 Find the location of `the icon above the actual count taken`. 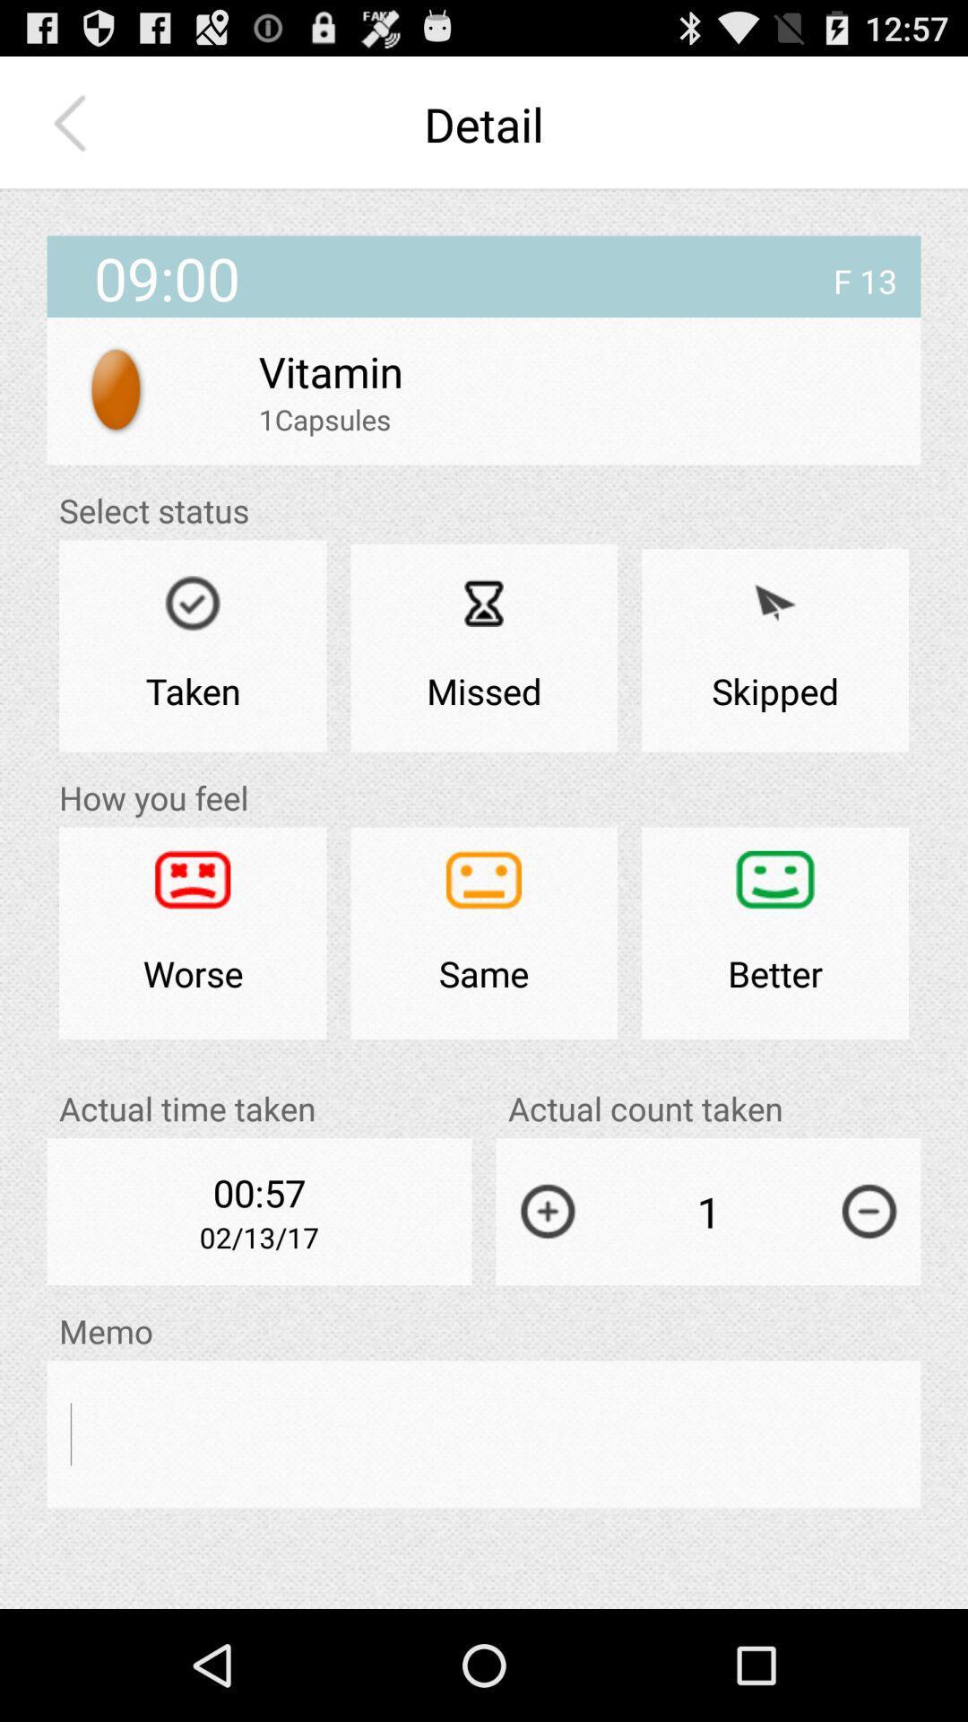

the icon above the actual count taken is located at coordinates (774, 933).